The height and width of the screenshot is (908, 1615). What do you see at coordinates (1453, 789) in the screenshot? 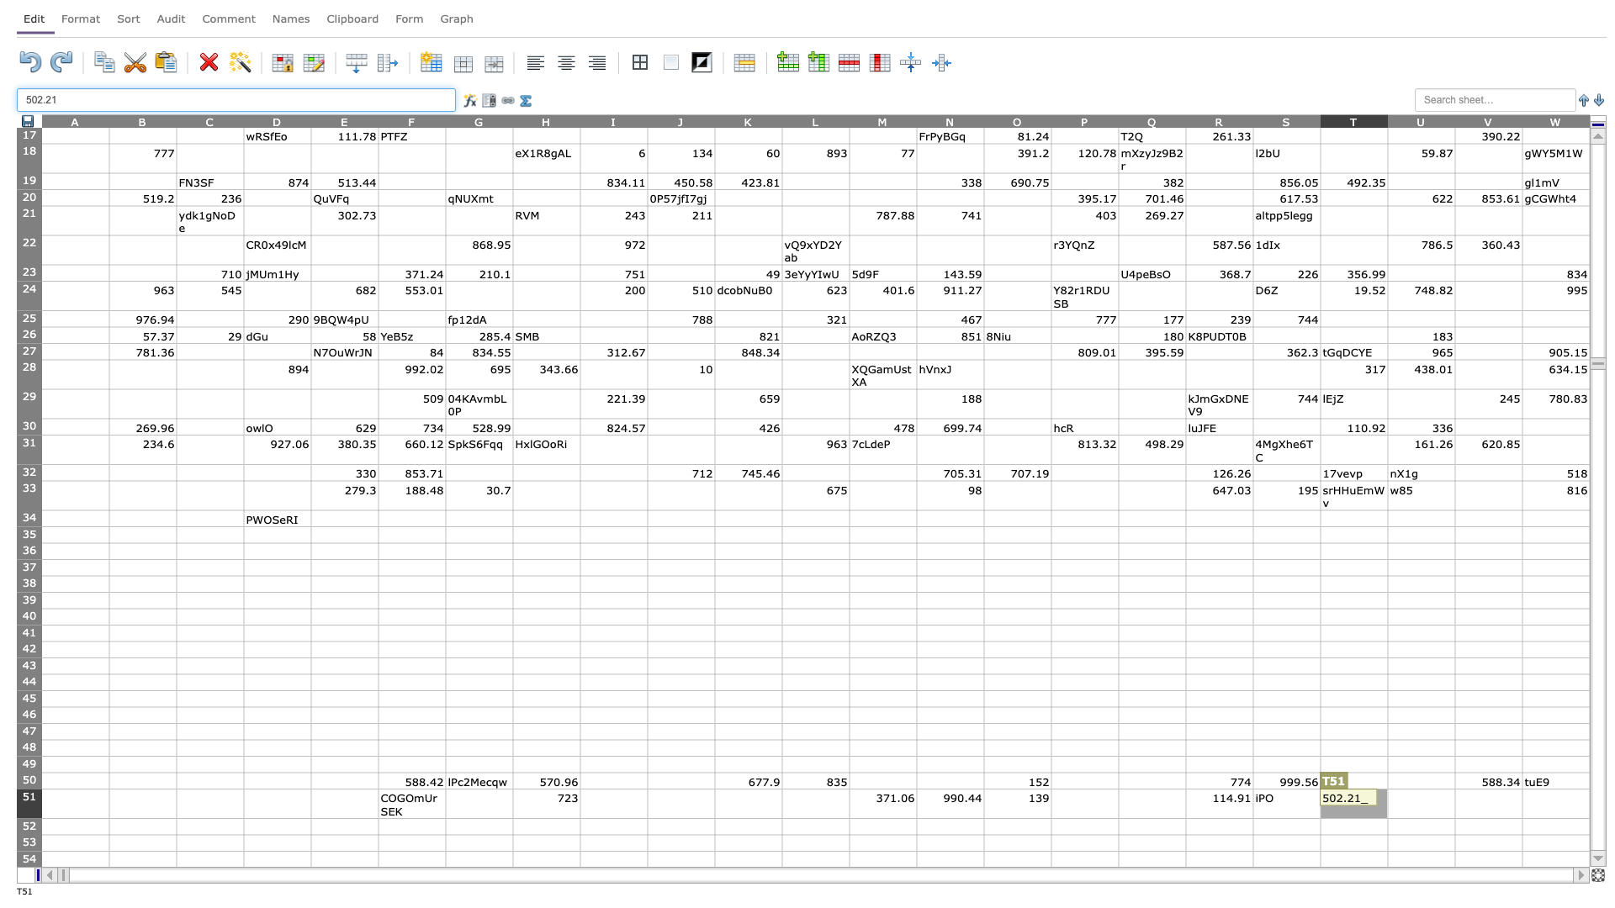
I see `Upper left corner of cell V51` at bounding box center [1453, 789].